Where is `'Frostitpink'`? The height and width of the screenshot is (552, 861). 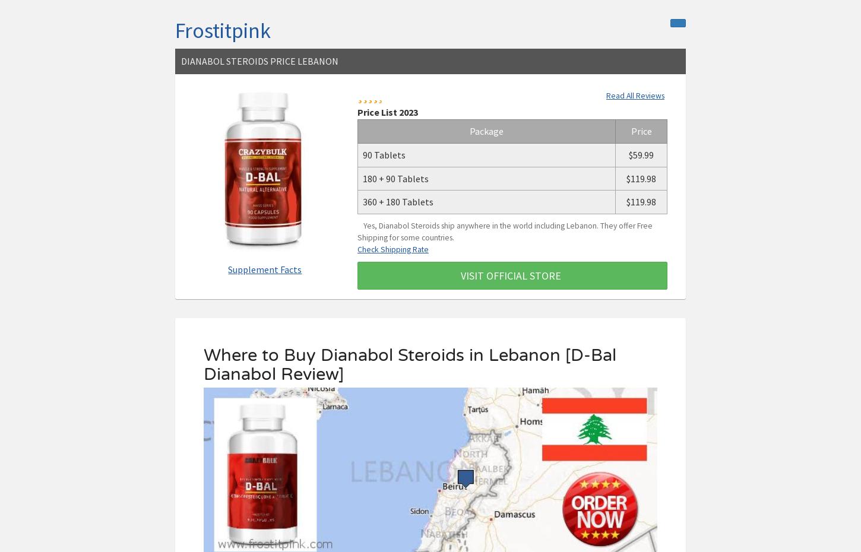
'Frostitpink' is located at coordinates (175, 30).